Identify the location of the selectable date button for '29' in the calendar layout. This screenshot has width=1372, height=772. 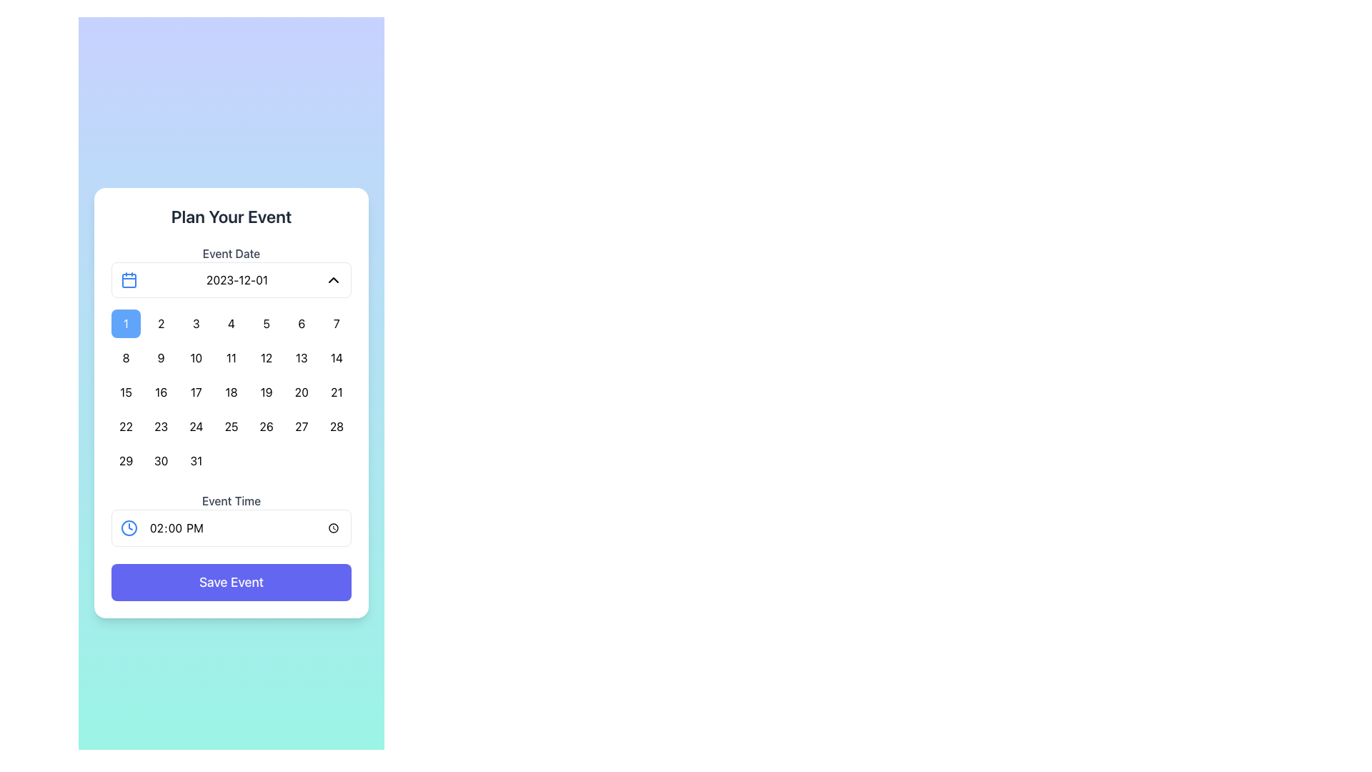
(126, 460).